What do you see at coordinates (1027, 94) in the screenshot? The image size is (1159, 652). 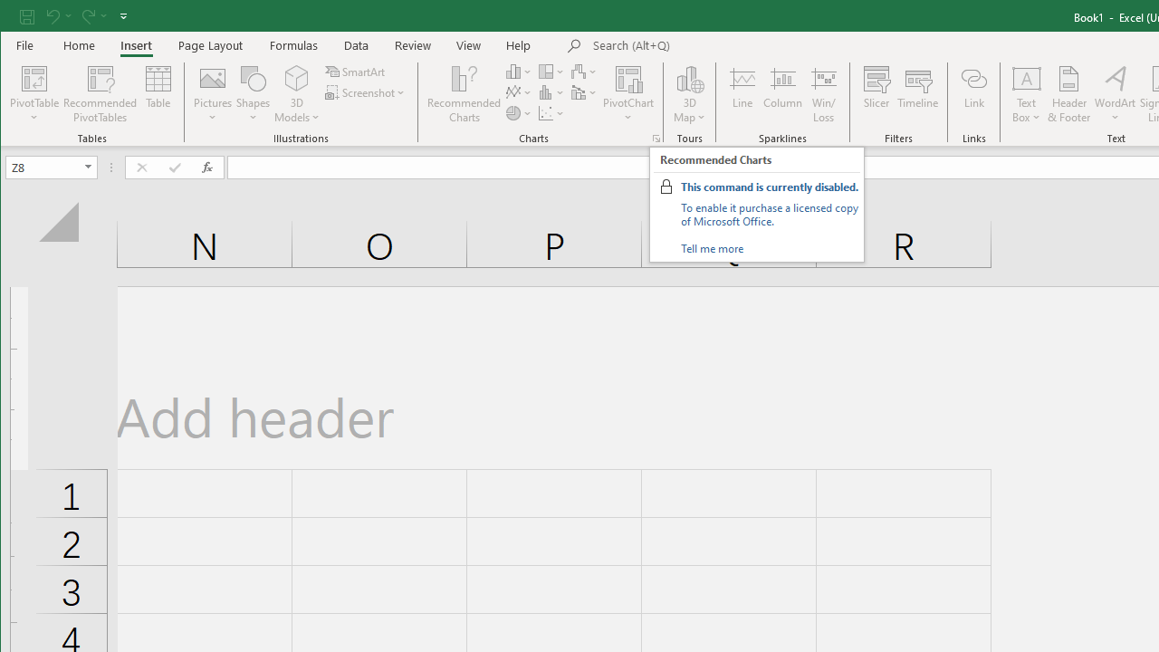 I see `'Text Box'` at bounding box center [1027, 94].